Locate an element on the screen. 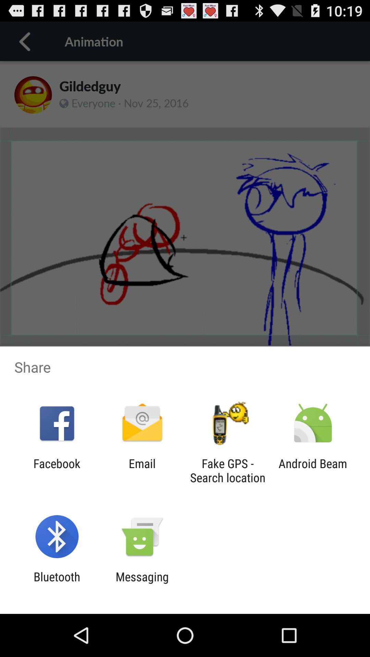 The image size is (370, 657). the app next to the fake gps search app is located at coordinates (313, 470).